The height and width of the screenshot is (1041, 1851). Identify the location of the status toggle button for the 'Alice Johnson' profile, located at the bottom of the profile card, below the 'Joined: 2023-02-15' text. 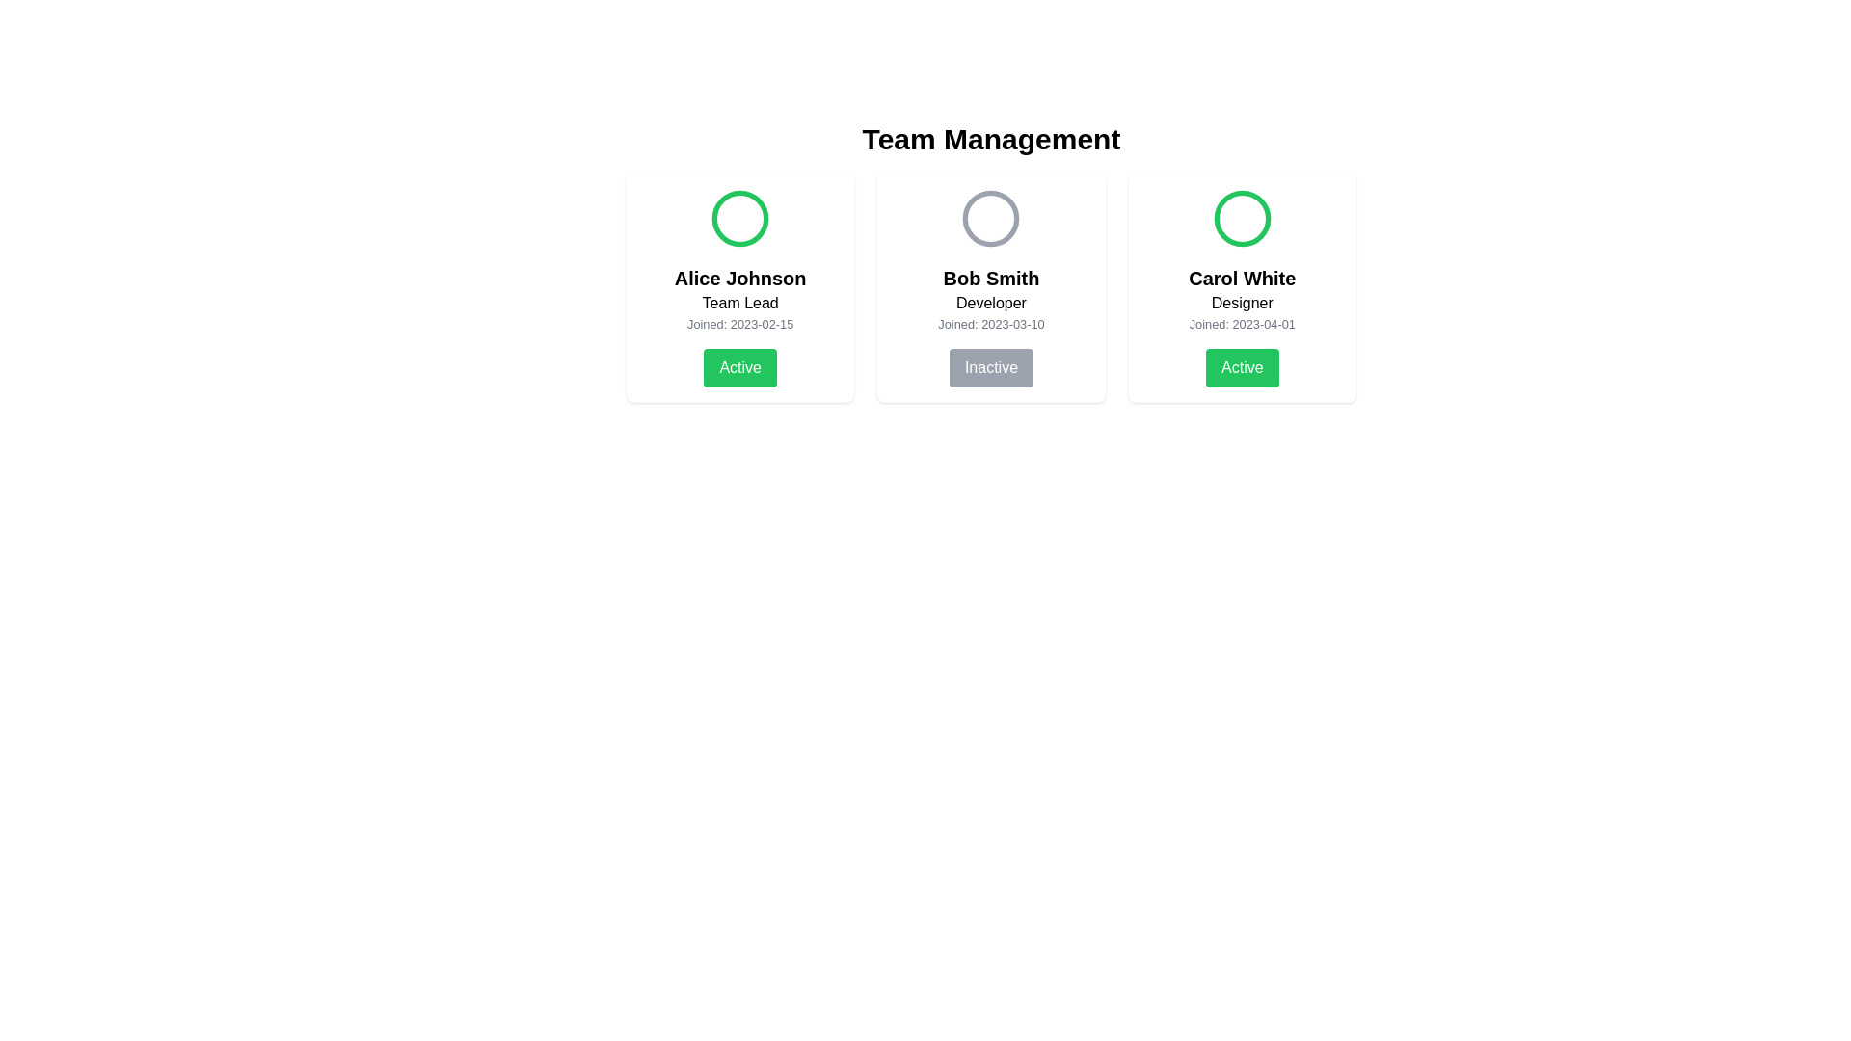
(739, 368).